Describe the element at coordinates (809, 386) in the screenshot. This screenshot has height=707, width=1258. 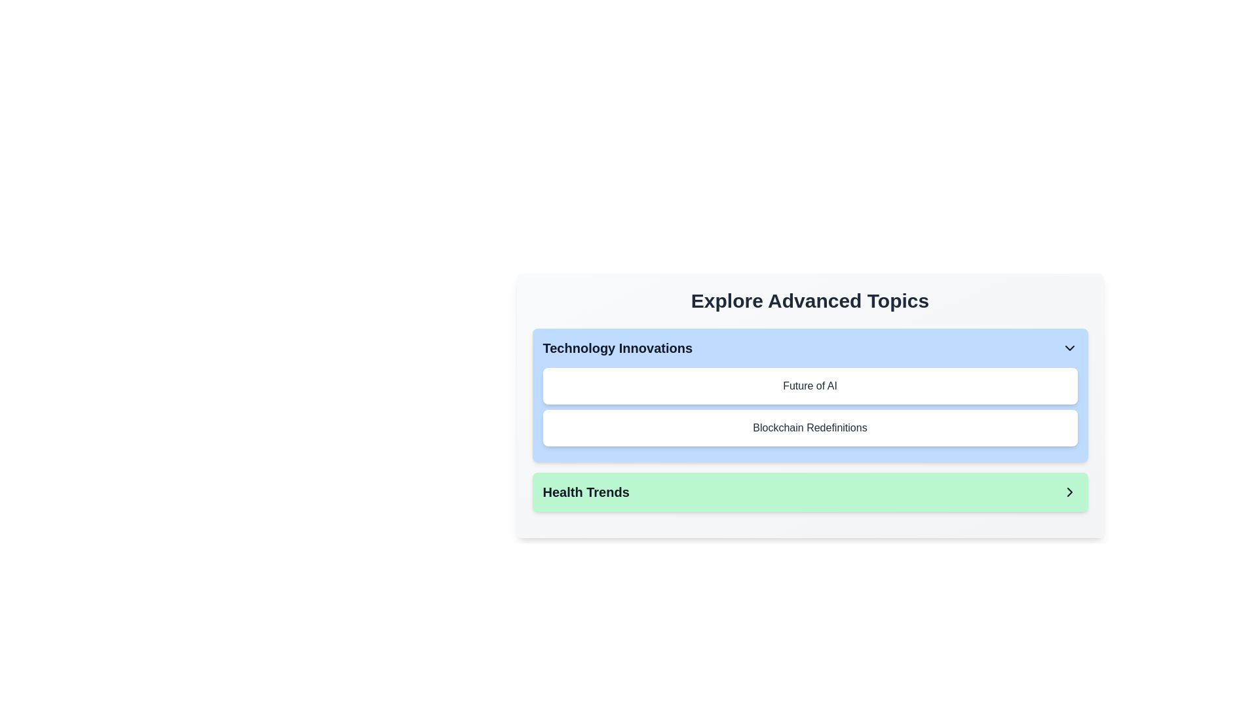
I see `the first interactive card in the 'Technology Innovations' section` at that location.